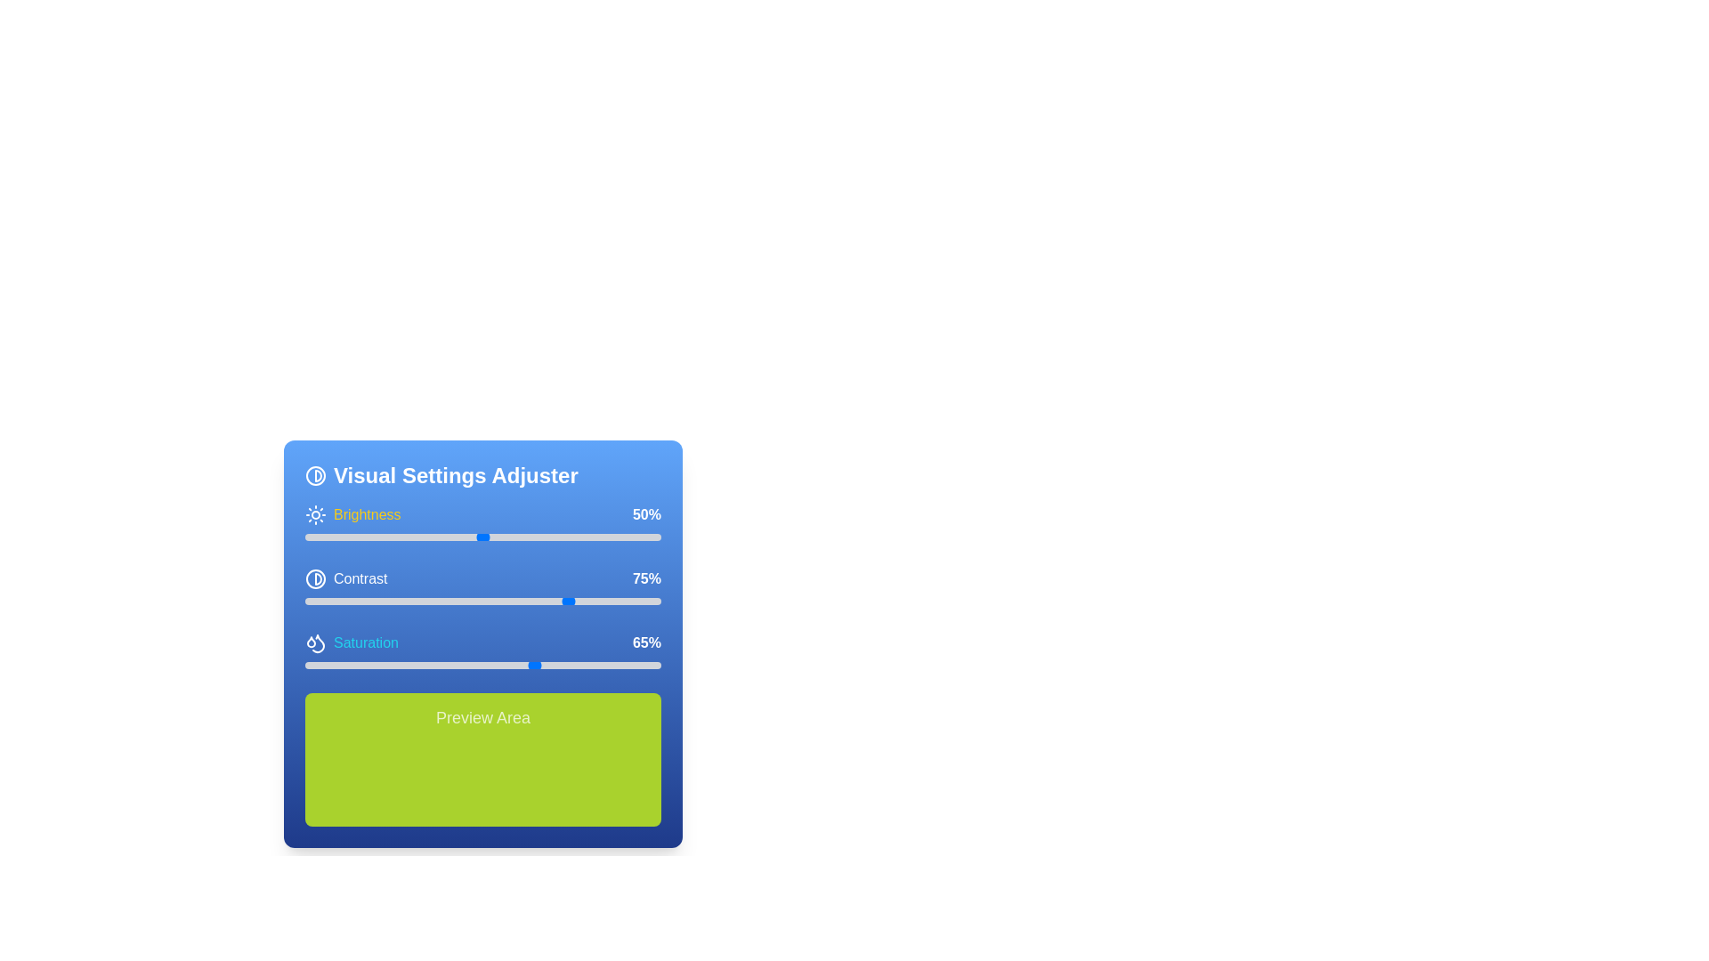 The width and height of the screenshot is (1709, 961). Describe the element at coordinates (469, 666) in the screenshot. I see `saturation` at that location.